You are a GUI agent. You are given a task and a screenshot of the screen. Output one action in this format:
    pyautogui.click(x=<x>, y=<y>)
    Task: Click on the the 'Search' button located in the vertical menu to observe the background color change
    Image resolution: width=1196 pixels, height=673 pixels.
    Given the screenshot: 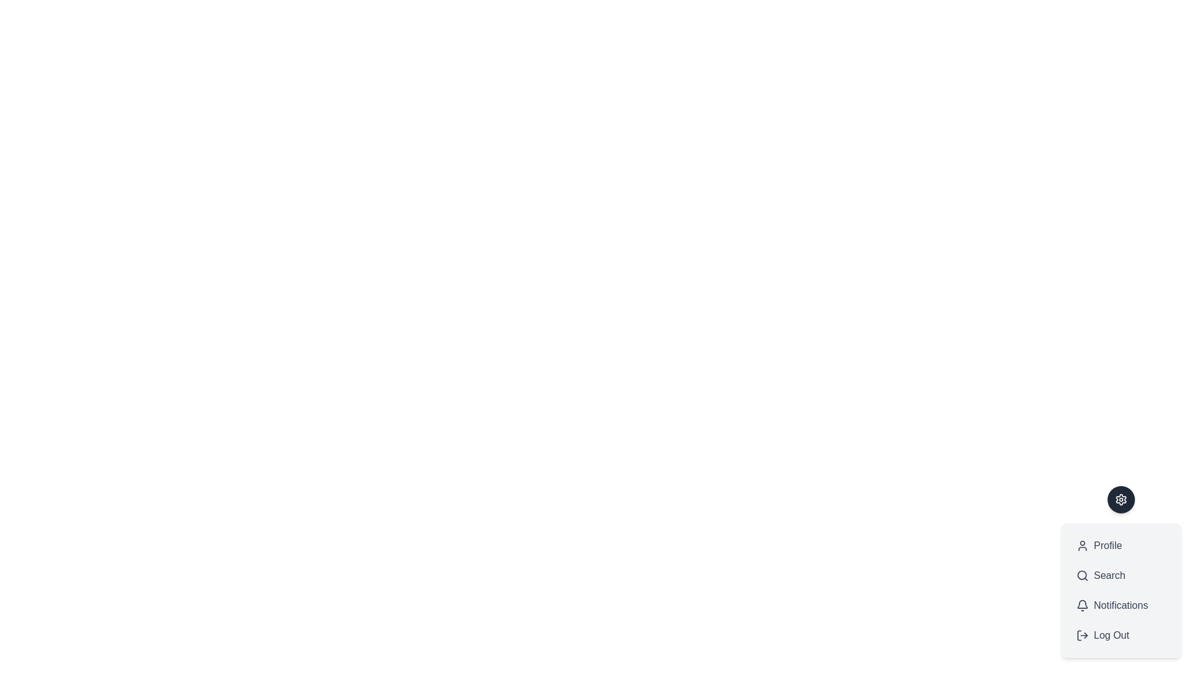 What is the action you would take?
    pyautogui.click(x=1121, y=572)
    